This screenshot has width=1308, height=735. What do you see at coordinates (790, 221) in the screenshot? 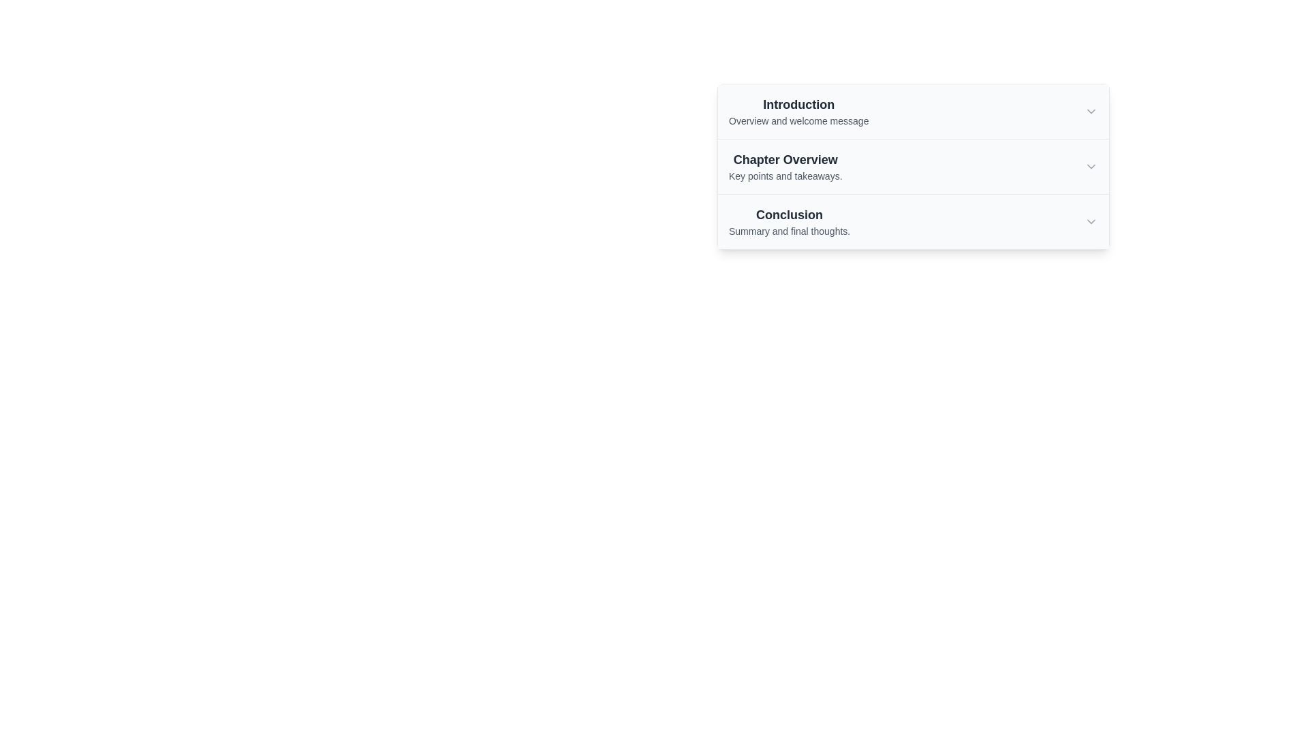
I see `the 'Conclusion' section header and description block` at bounding box center [790, 221].